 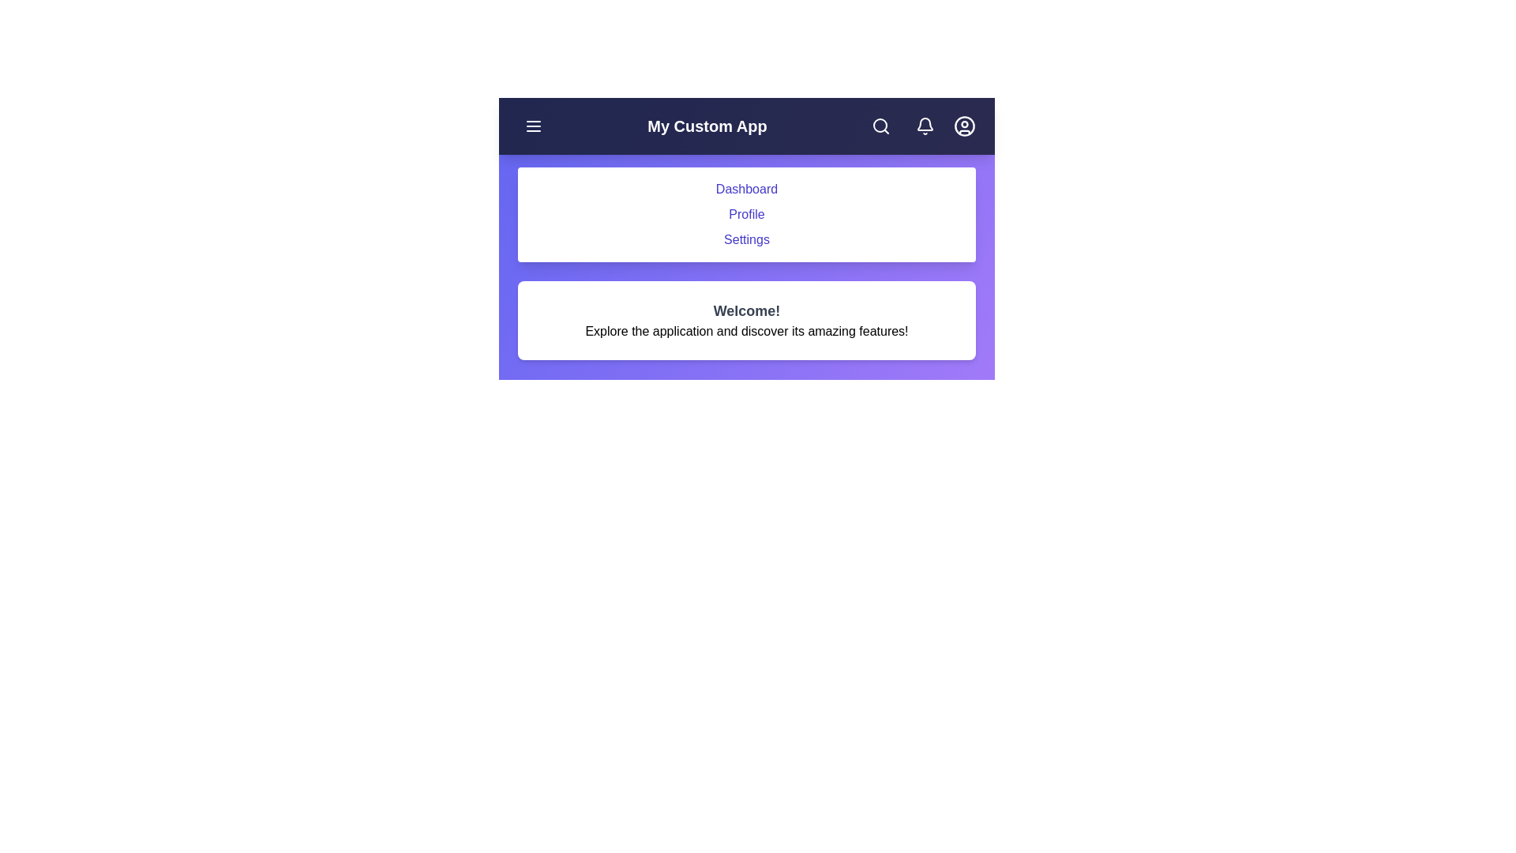 What do you see at coordinates (880, 125) in the screenshot?
I see `the search button to toggle the visibility of the search bar` at bounding box center [880, 125].